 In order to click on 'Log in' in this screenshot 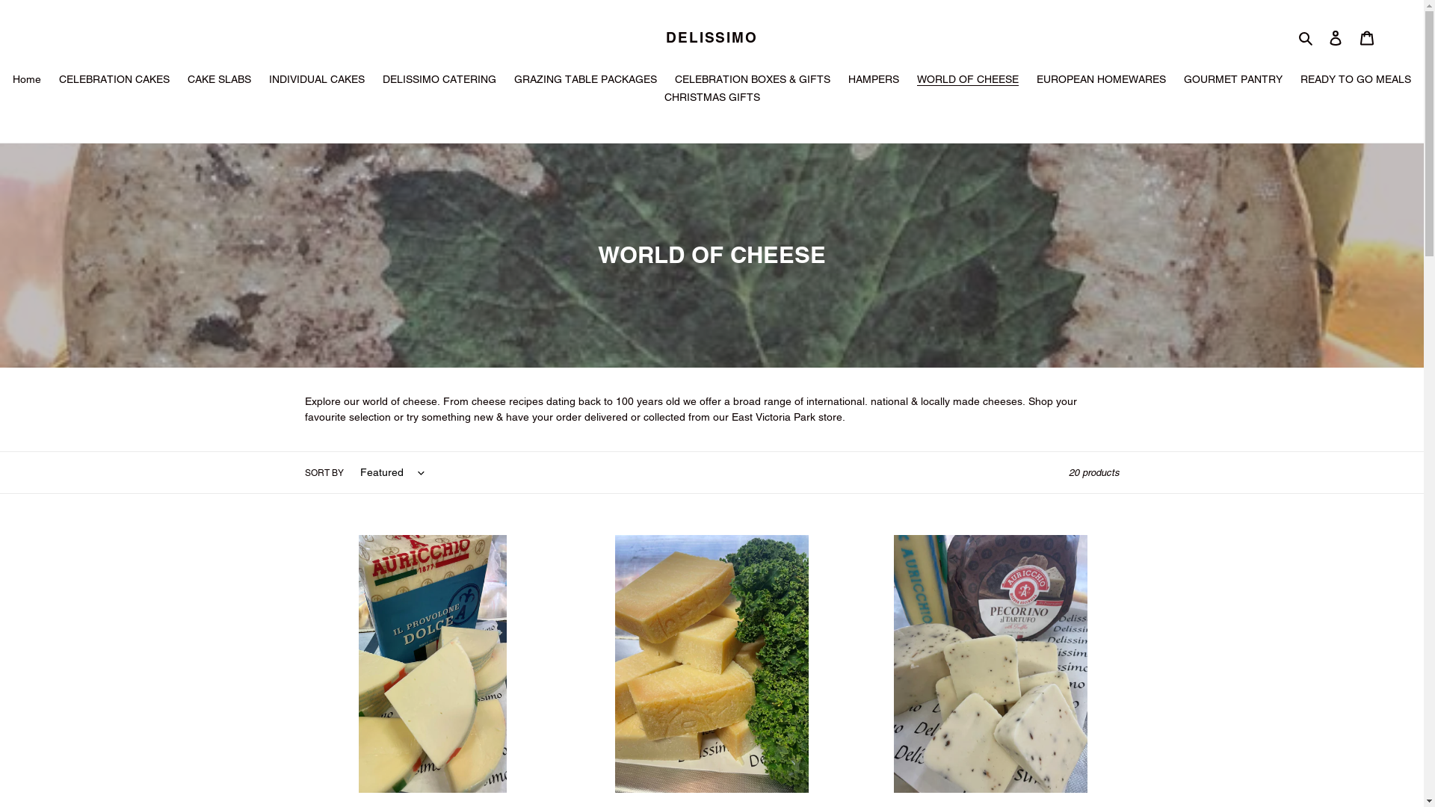, I will do `click(1335, 37)`.